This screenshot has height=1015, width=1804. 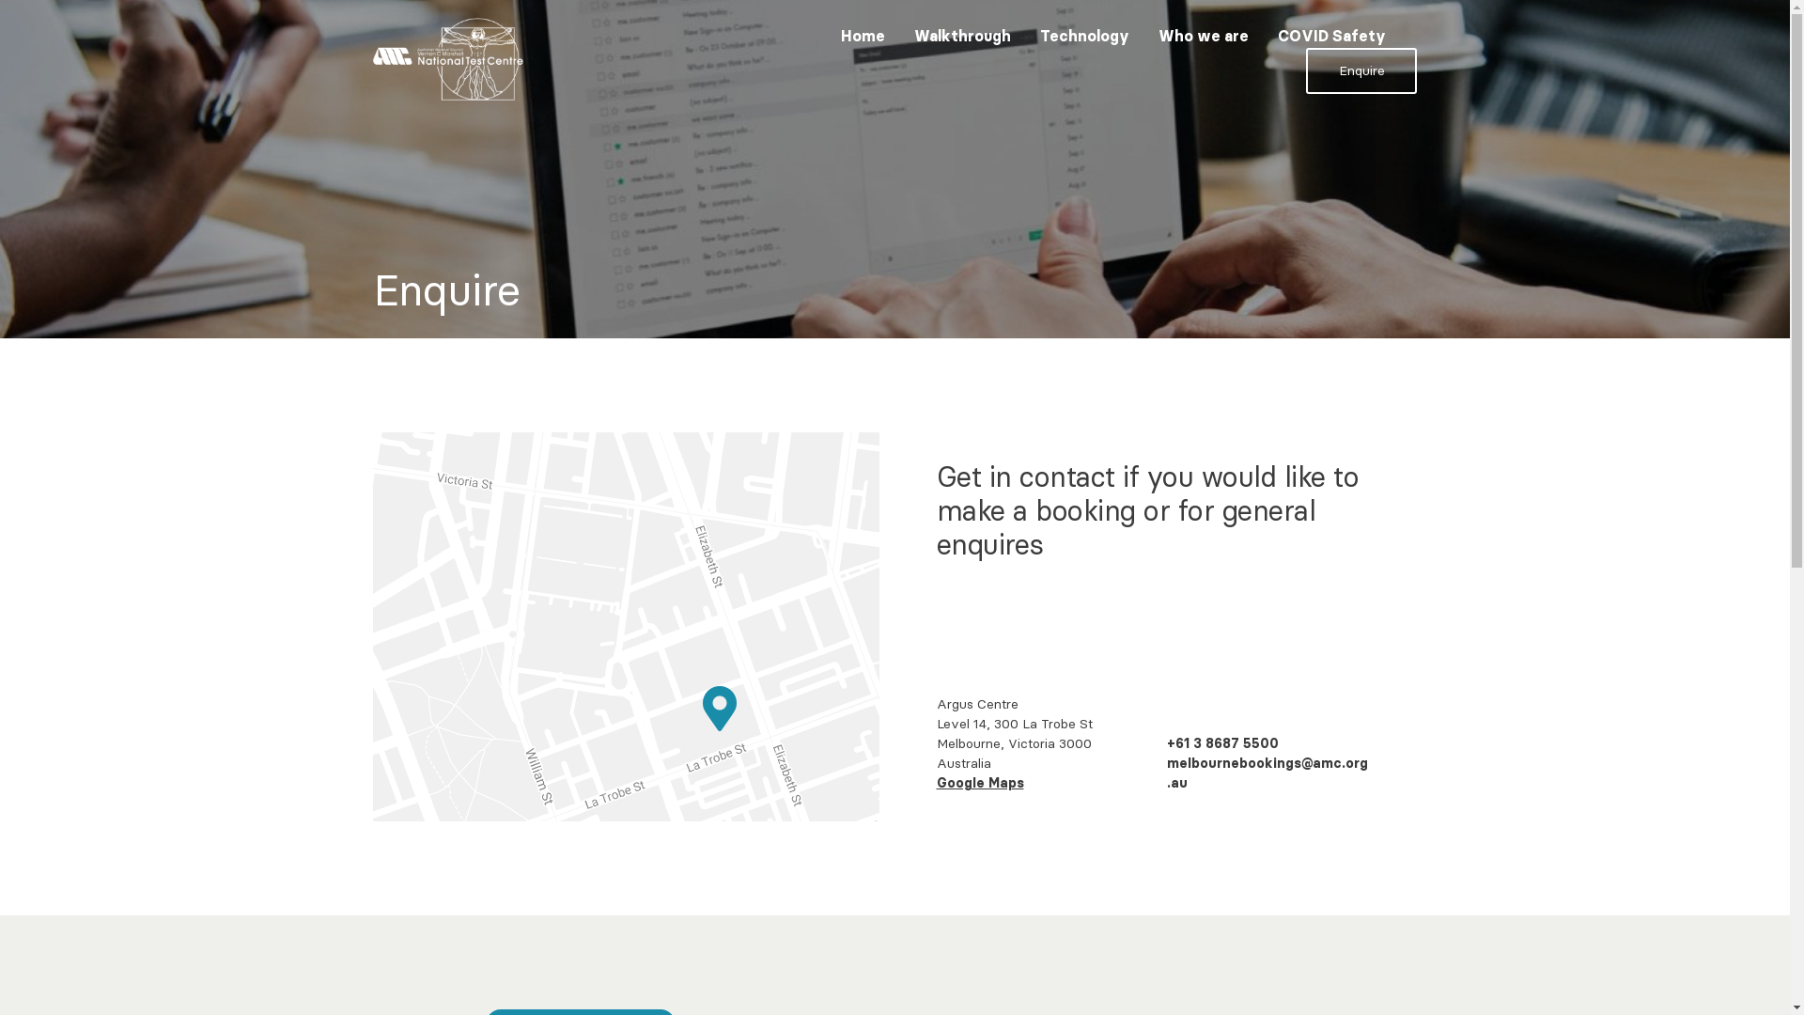 What do you see at coordinates (962, 36) in the screenshot?
I see `'Walkthrough'` at bounding box center [962, 36].